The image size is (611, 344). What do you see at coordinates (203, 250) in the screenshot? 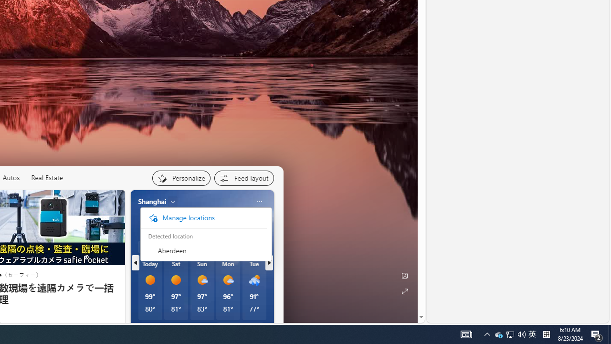
I see `'Aberdeen'` at bounding box center [203, 250].